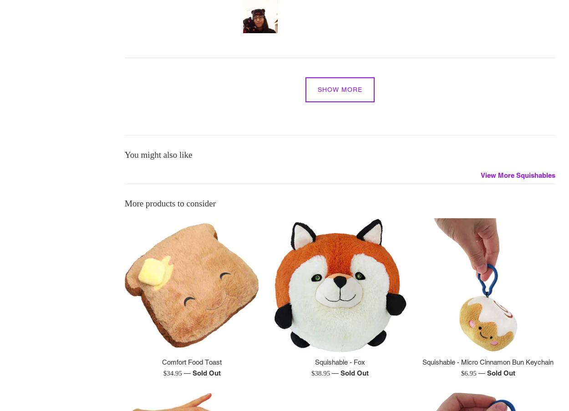 The height and width of the screenshot is (411, 569). What do you see at coordinates (317, 89) in the screenshot?
I see `'Show More'` at bounding box center [317, 89].